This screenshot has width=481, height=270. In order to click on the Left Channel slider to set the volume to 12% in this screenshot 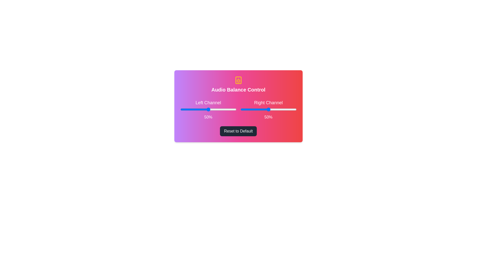, I will do `click(187, 109)`.